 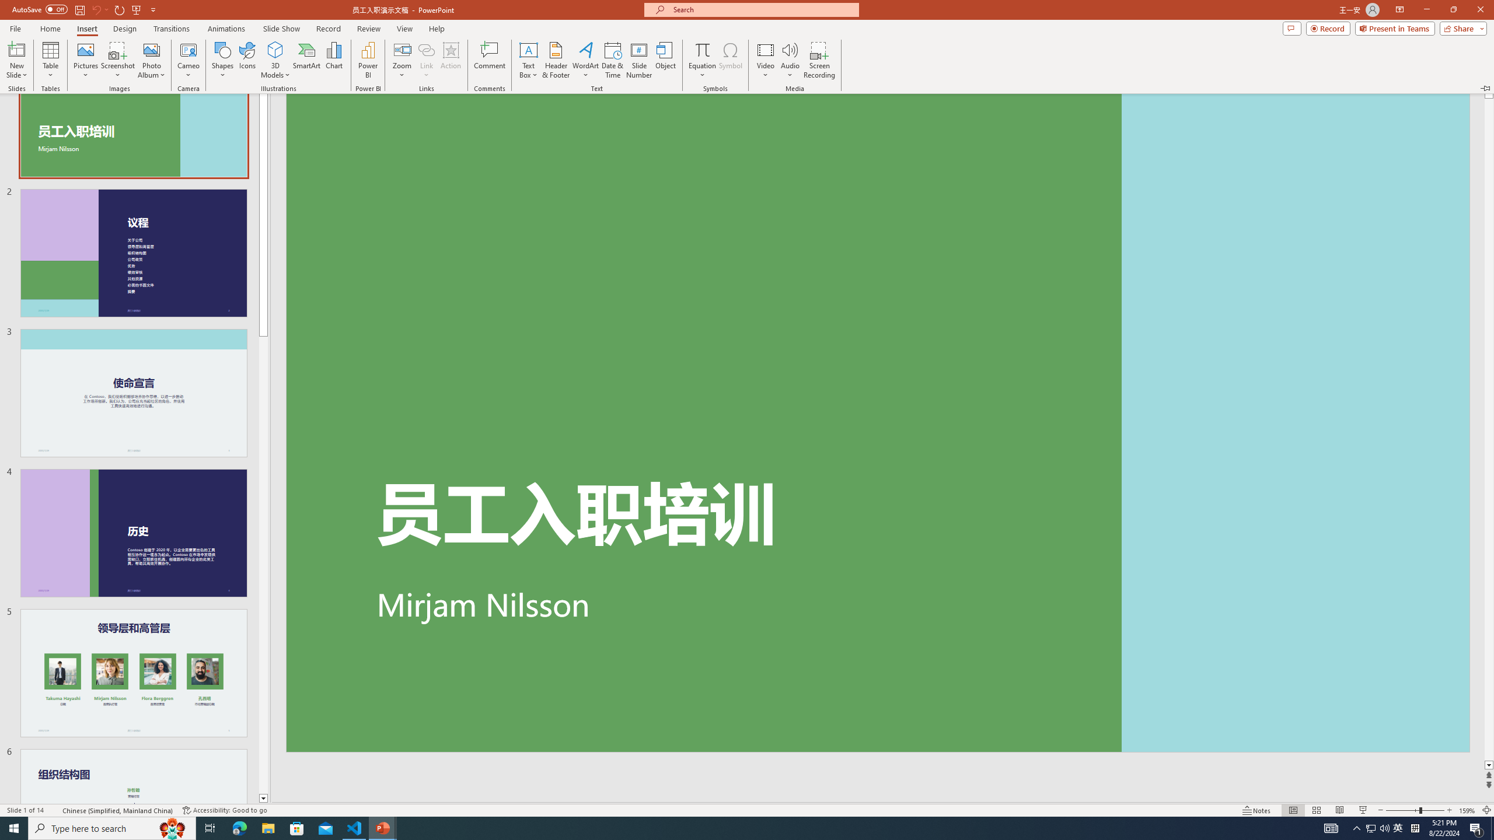 I want to click on 'Action Center, 1 new notification', so click(x=1476, y=827).